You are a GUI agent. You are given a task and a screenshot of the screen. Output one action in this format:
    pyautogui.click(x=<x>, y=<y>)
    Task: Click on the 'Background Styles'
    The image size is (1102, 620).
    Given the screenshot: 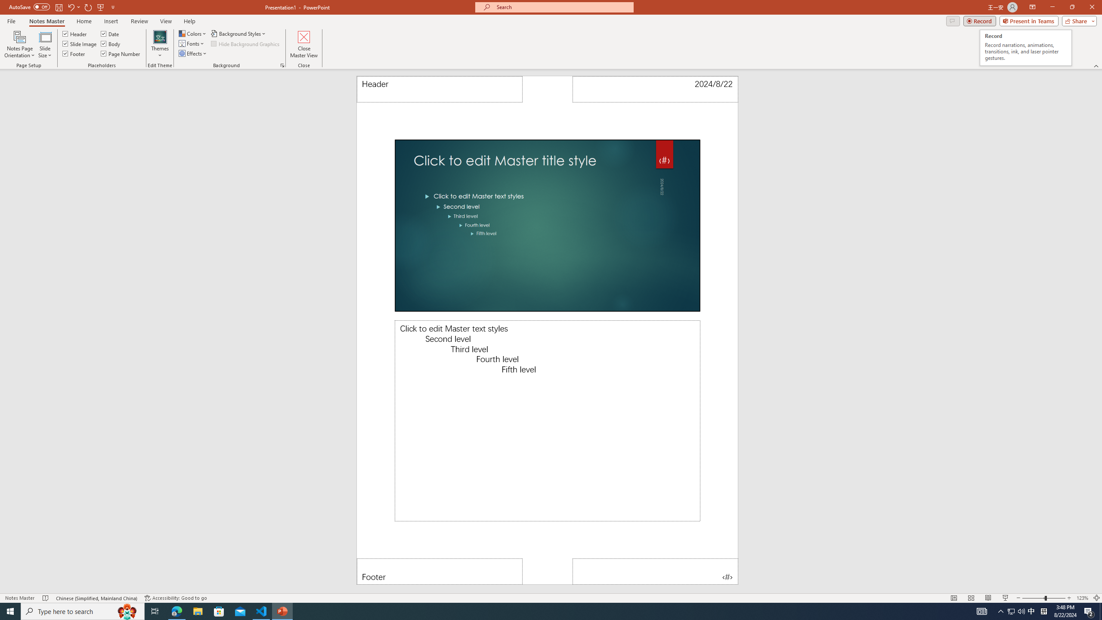 What is the action you would take?
    pyautogui.click(x=238, y=33)
    